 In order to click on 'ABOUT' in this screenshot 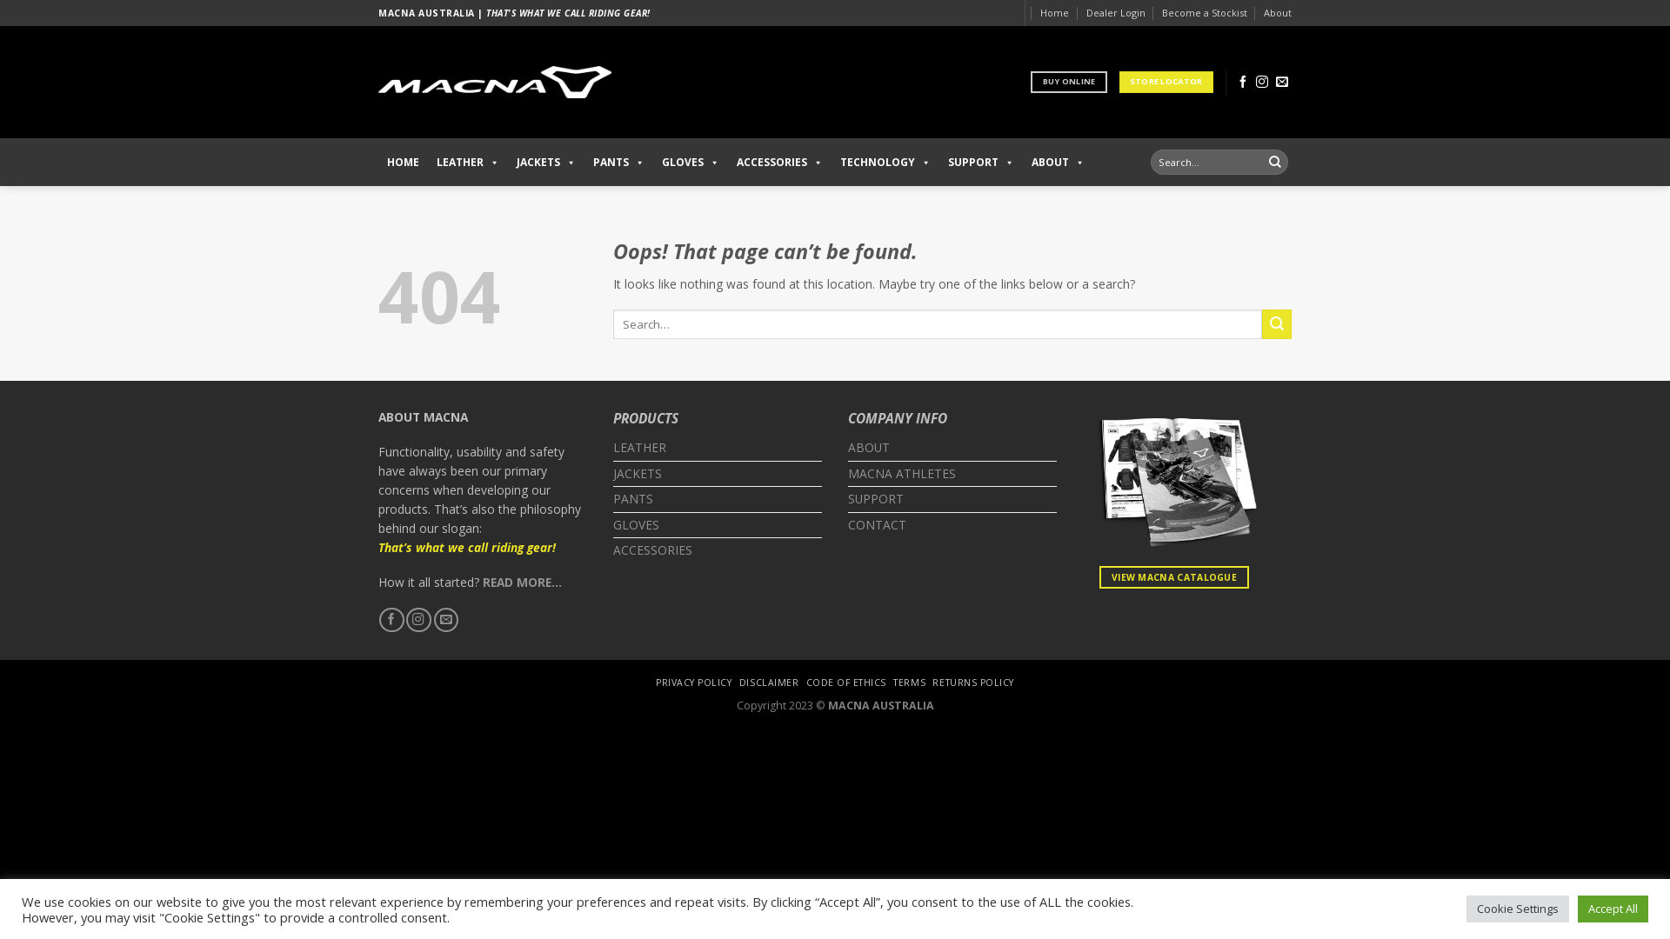, I will do `click(1057, 161)`.